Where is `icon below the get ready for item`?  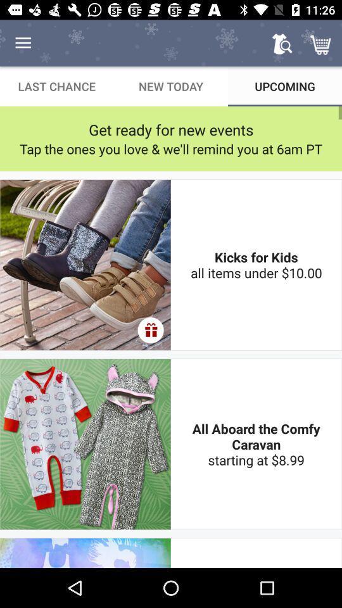
icon below the get ready for item is located at coordinates (171, 149).